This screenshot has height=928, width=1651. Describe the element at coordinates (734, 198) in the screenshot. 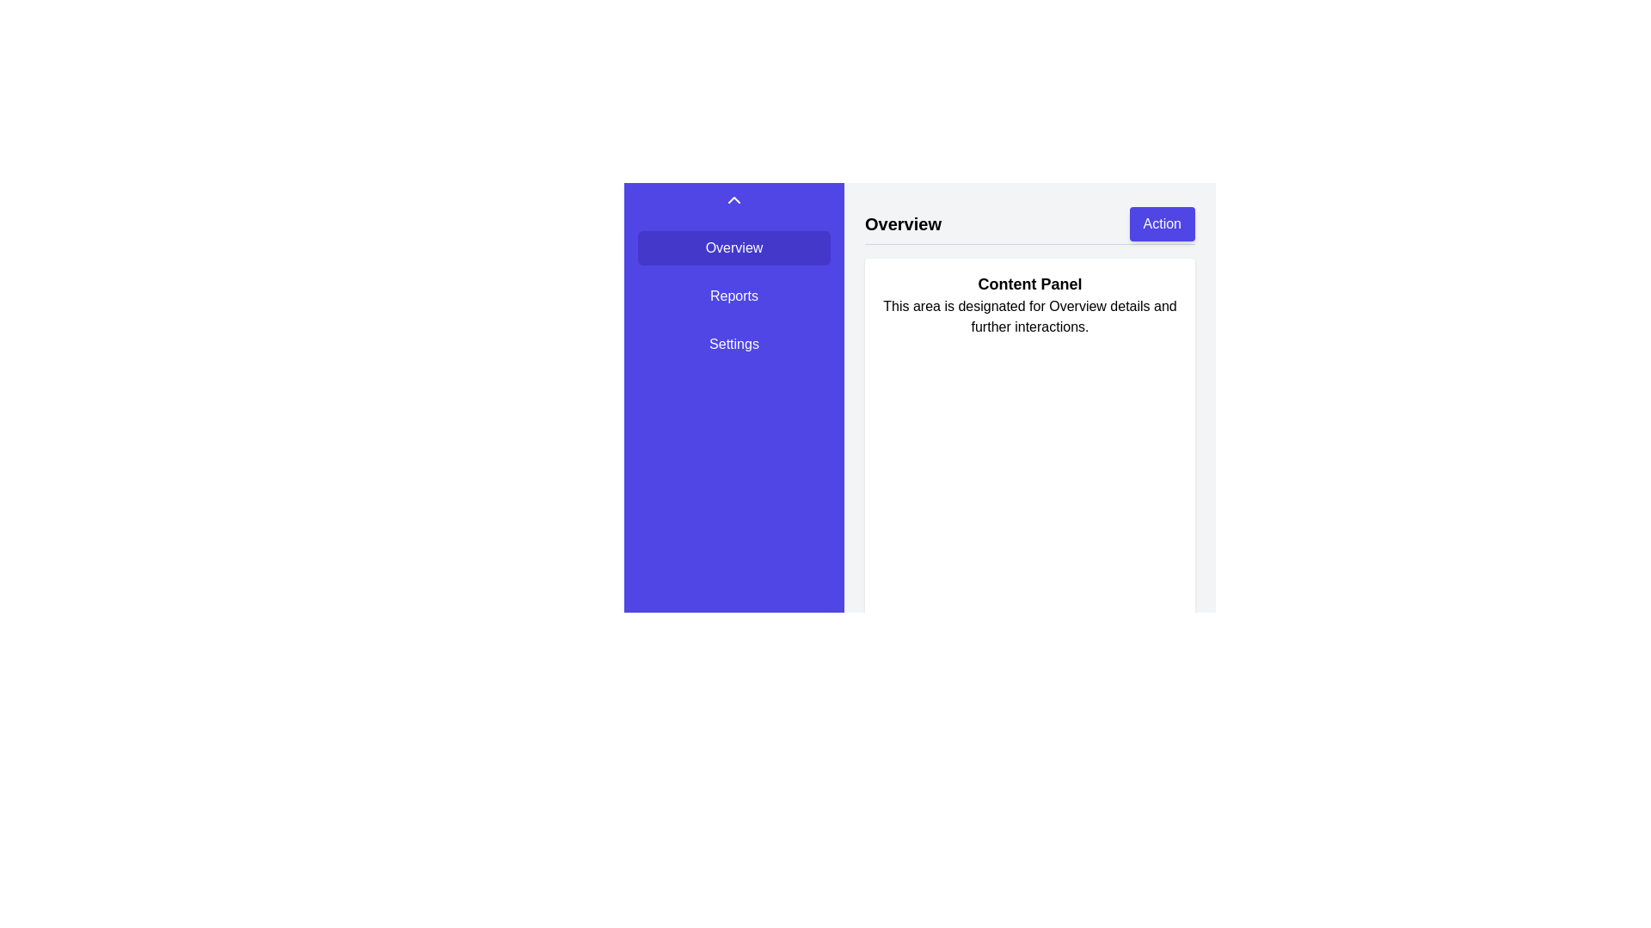

I see `the button at the top of the sidebar menu that has an upward-facing arrow design` at that location.